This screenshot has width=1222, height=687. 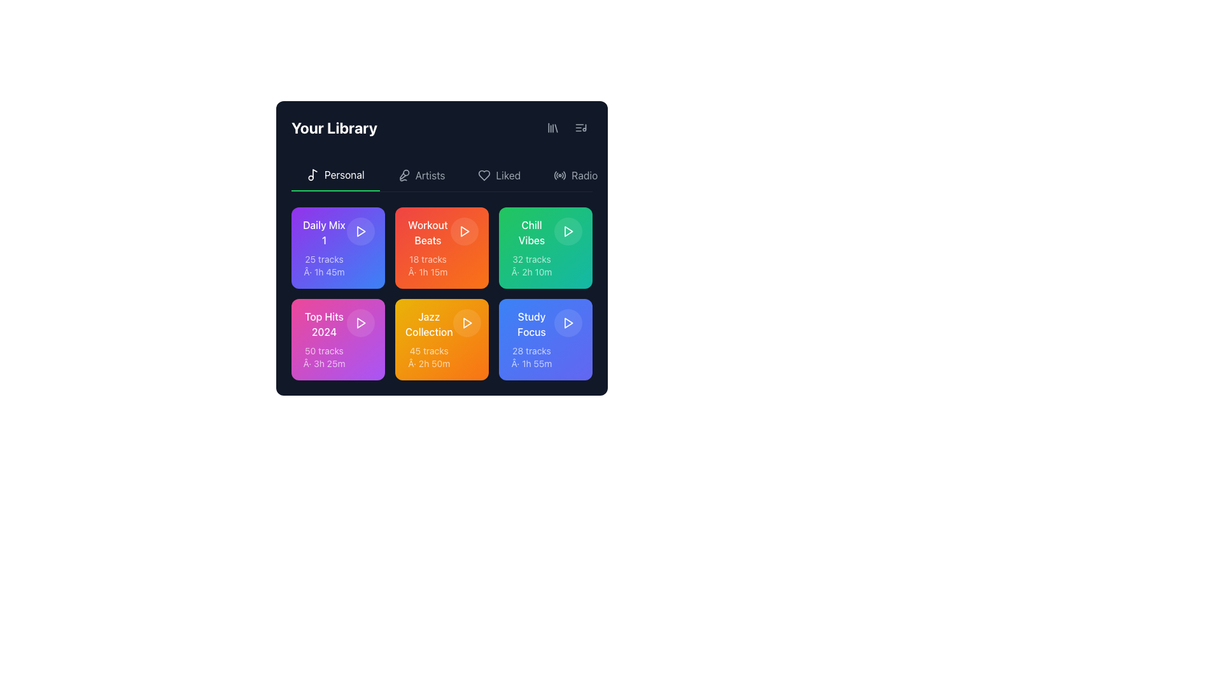 What do you see at coordinates (313, 174) in the screenshot?
I see `the music note icon located in the navigation bar under 'Your Library', which is positioned immediately to the left of the 'Personal' label` at bounding box center [313, 174].